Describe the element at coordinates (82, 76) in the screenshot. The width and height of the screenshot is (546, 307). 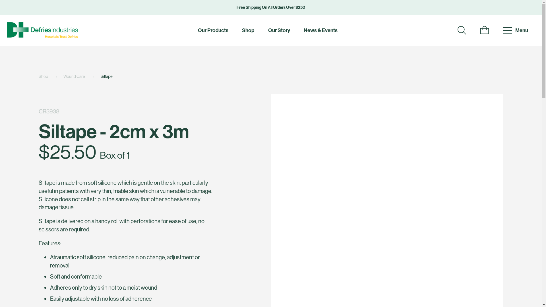
I see `'Wound Care'` at that location.